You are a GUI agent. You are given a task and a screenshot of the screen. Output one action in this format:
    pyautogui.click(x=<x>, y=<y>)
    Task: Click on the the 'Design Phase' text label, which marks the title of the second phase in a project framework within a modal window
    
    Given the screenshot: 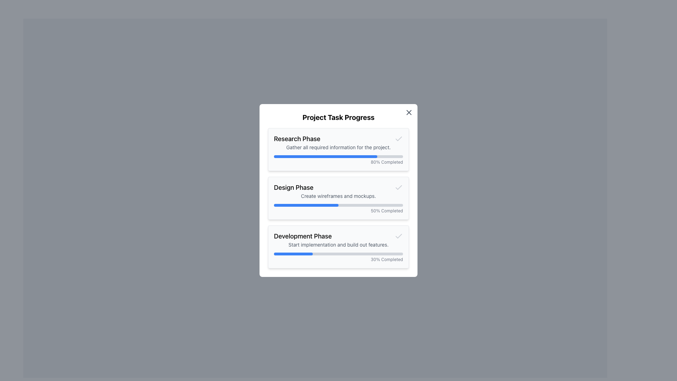 What is the action you would take?
    pyautogui.click(x=293, y=187)
    